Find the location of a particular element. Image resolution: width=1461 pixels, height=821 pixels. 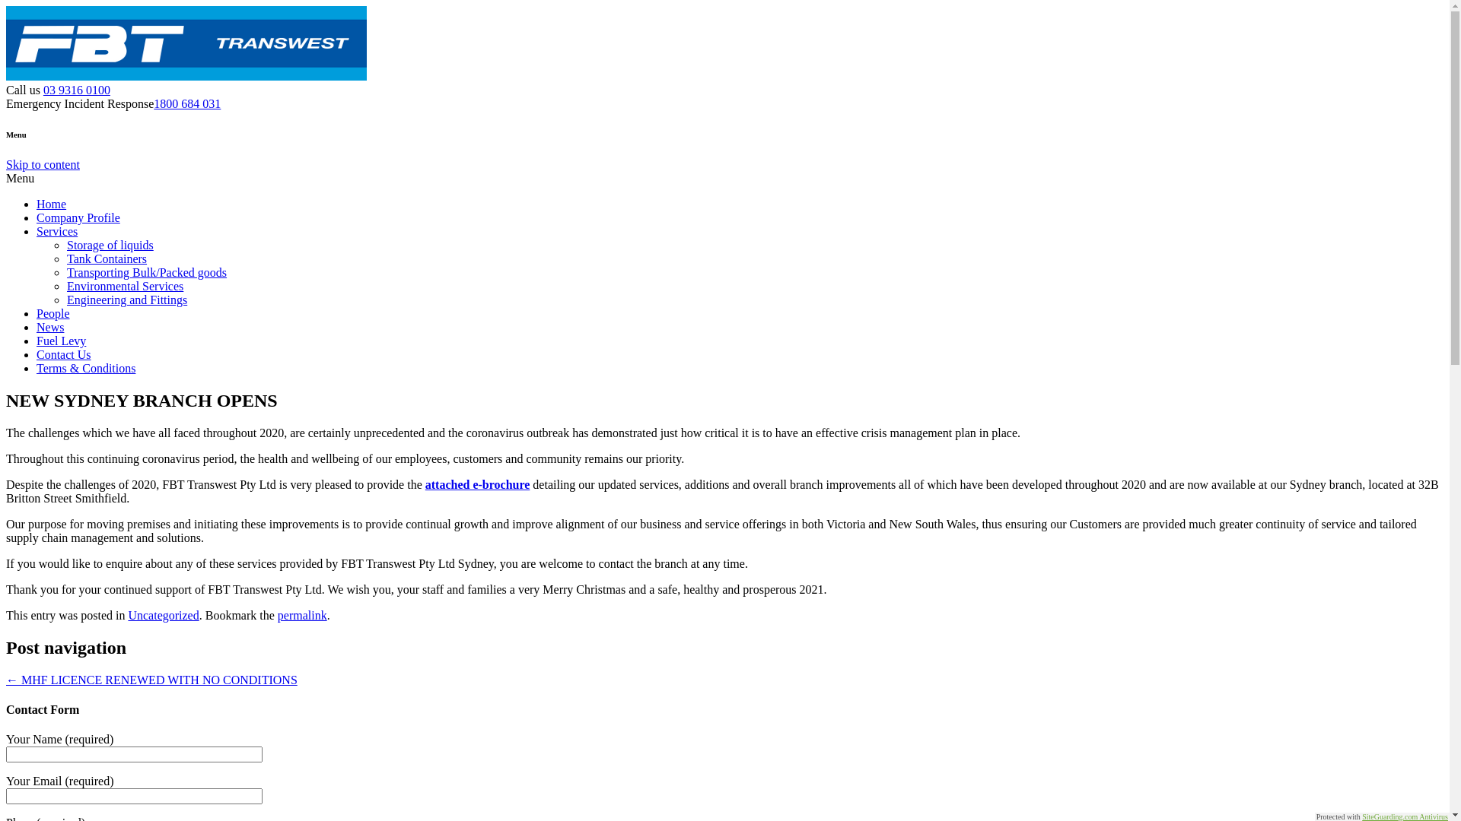

'1800 684 031' is located at coordinates (153, 103).